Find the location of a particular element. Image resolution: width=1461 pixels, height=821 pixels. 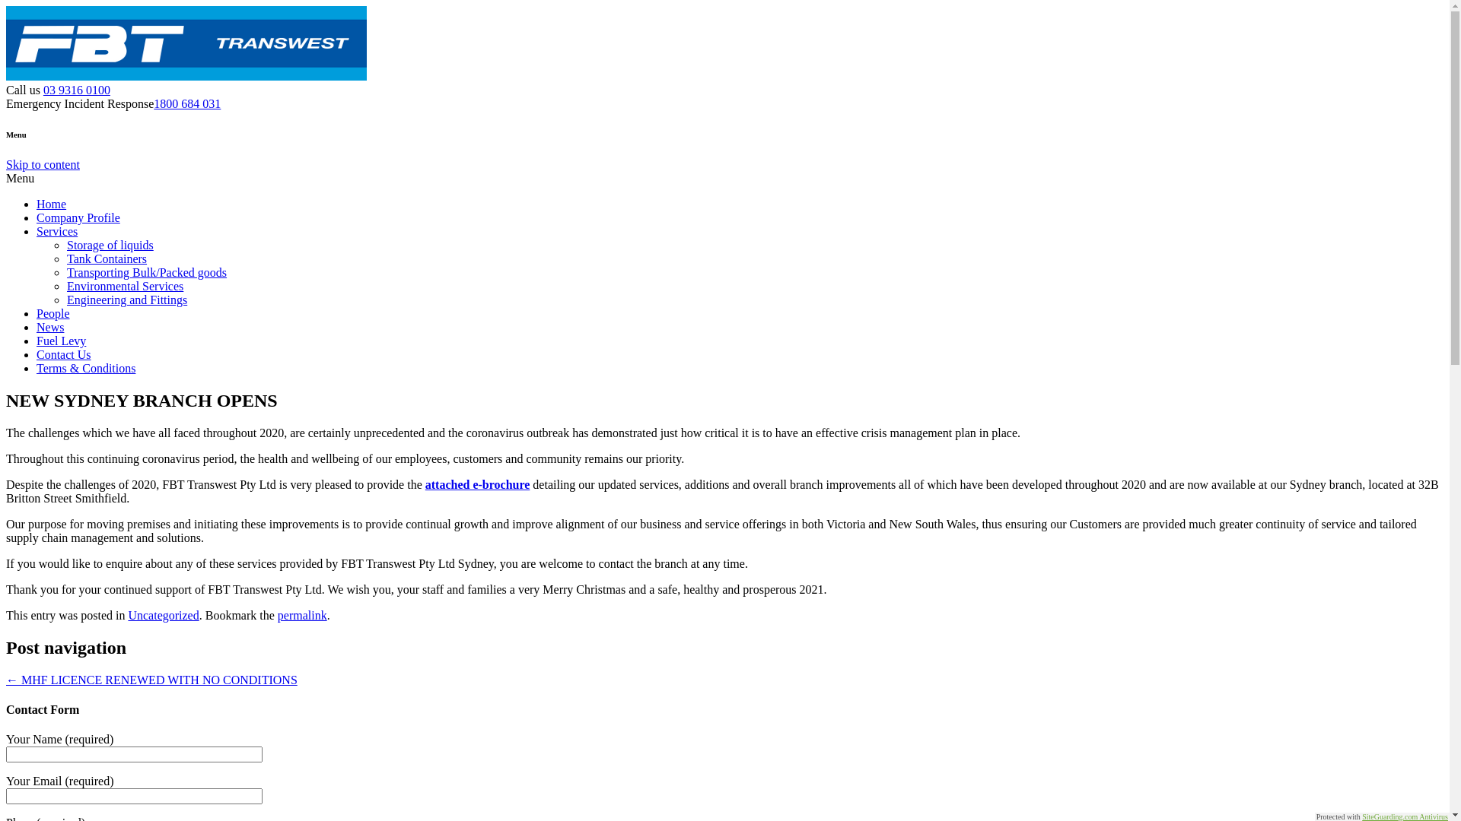

'1800 684 031' is located at coordinates (153, 103).